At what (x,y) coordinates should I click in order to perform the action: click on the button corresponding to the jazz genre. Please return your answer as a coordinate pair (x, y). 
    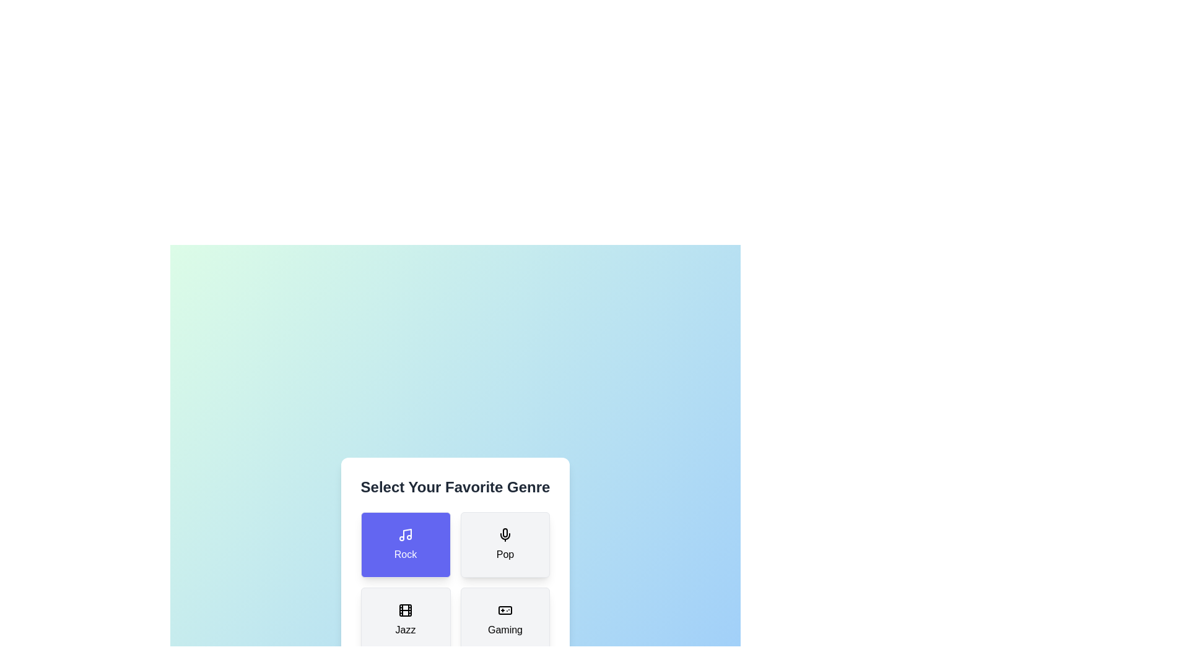
    Looking at the image, I should click on (406, 620).